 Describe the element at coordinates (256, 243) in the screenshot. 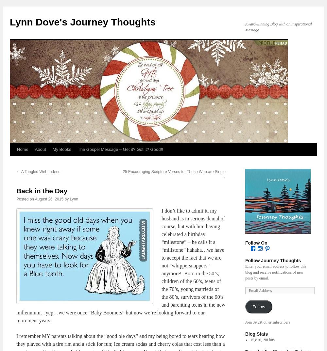

I see `'Follow On'` at that location.